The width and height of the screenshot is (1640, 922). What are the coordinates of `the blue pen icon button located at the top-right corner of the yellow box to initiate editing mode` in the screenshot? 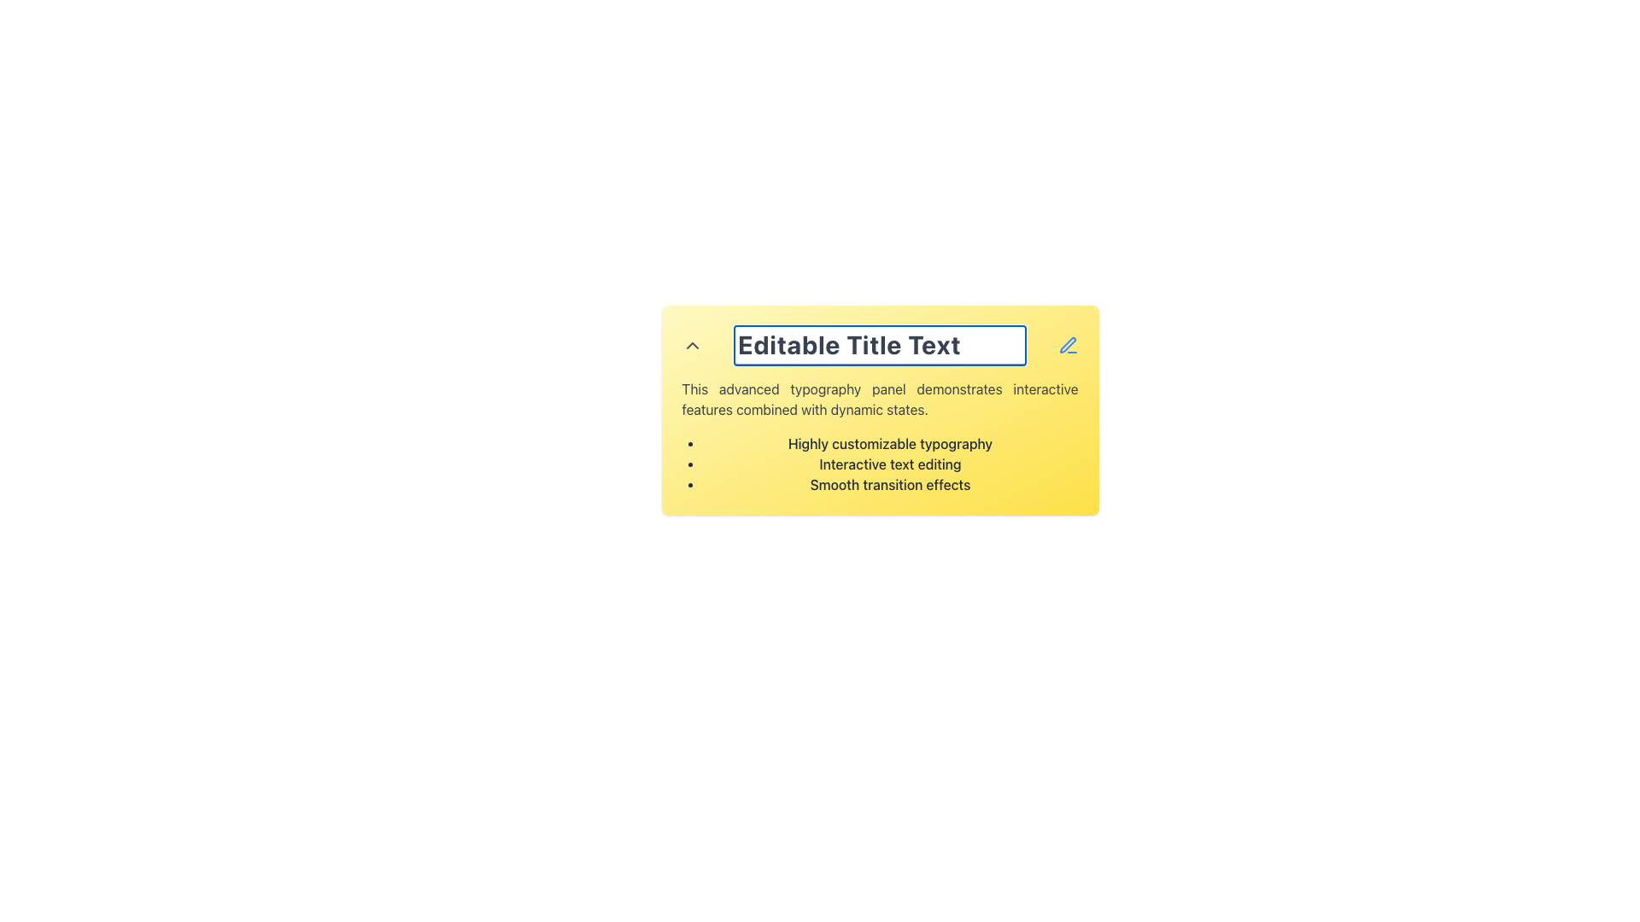 It's located at (1067, 346).